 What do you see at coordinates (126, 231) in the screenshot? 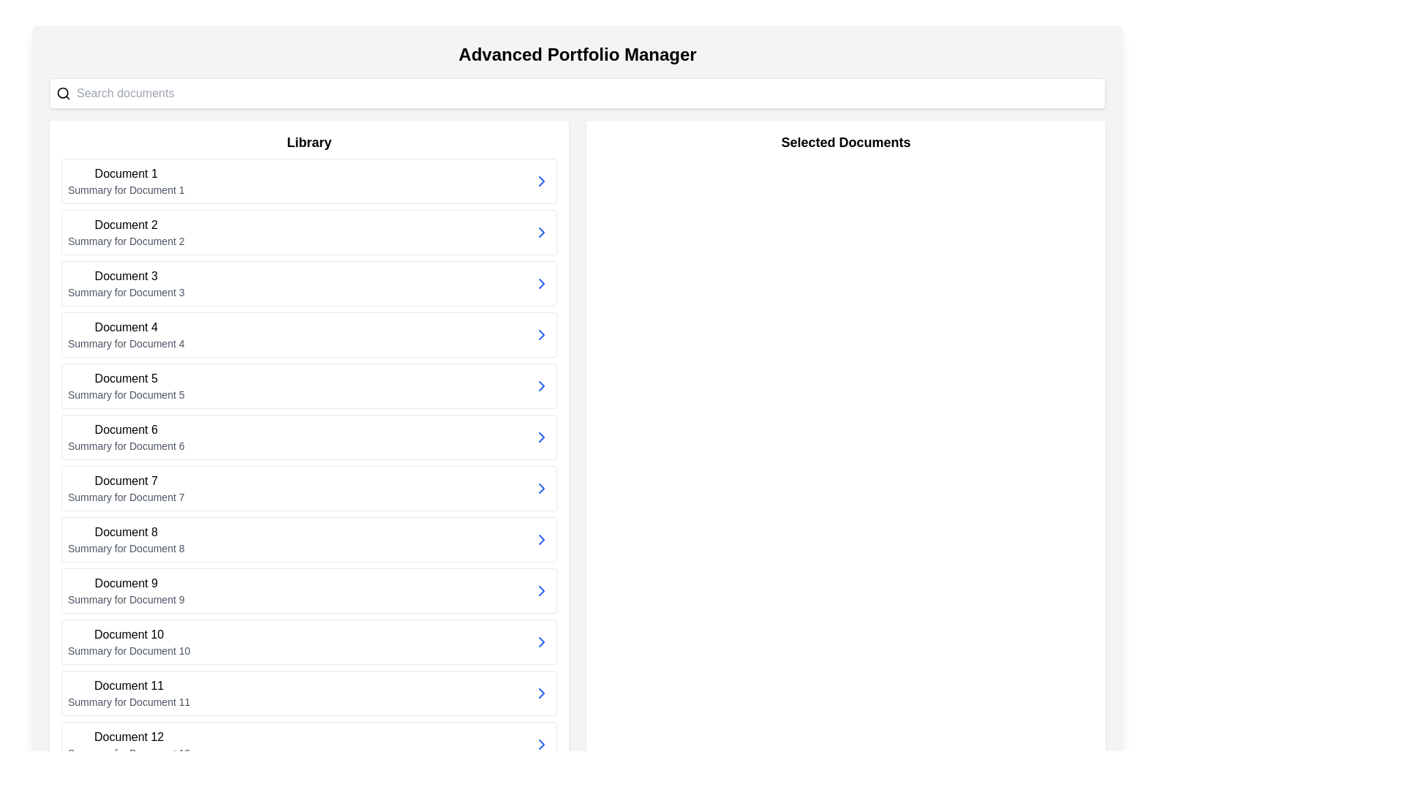
I see `the Text element representing 'Document 2' in the Library list` at bounding box center [126, 231].